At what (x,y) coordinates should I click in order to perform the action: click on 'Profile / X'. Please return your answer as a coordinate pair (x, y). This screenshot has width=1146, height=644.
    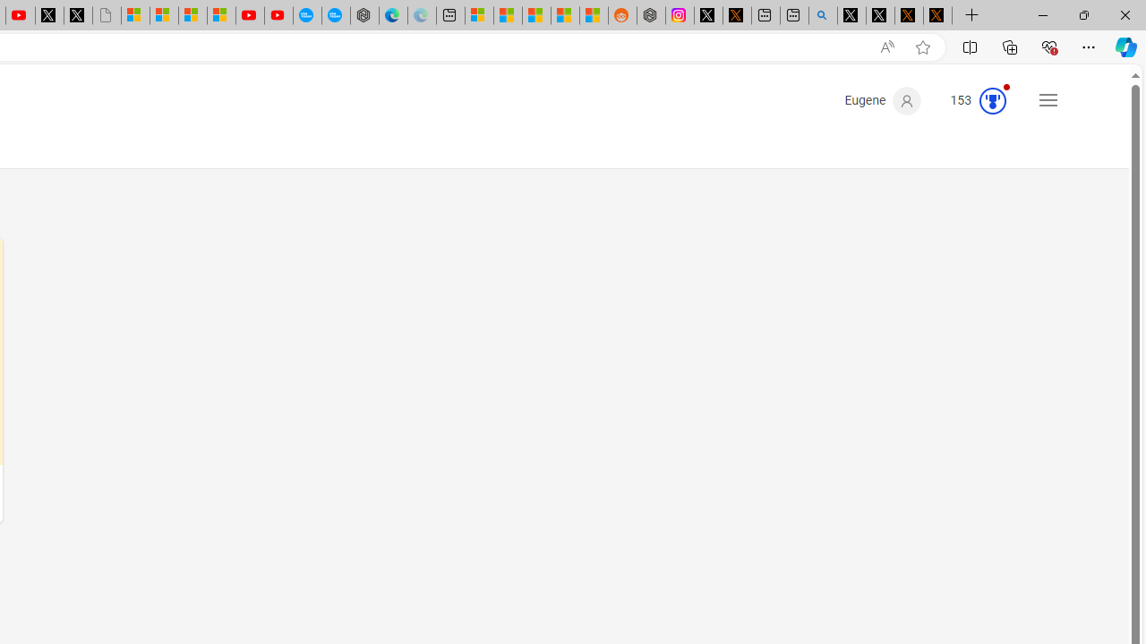
    Looking at the image, I should click on (851, 15).